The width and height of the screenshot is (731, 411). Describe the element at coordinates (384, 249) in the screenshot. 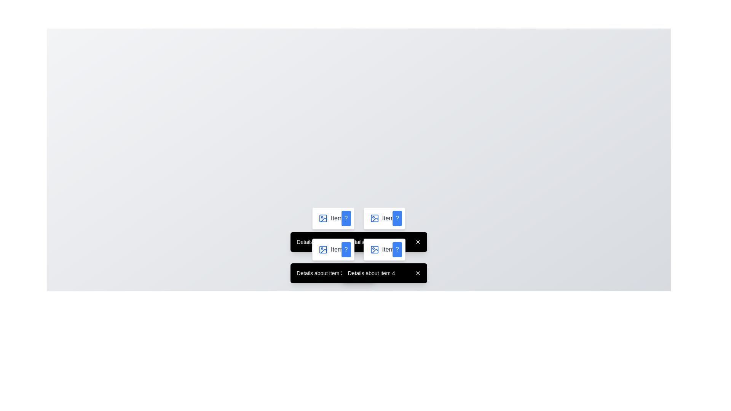

I see `the informational card that serves as a descriptor for 'Item 4', located at the bottom-right position of the grid layout` at that location.